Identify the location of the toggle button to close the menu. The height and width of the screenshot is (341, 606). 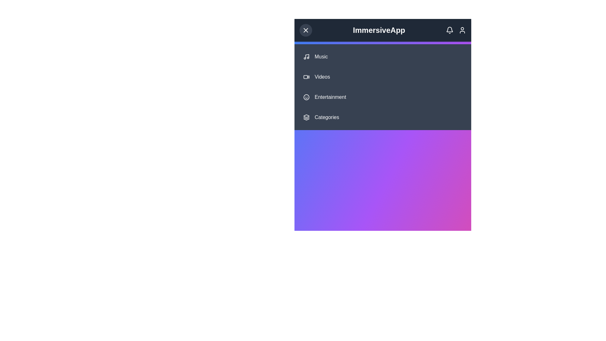
(306, 30).